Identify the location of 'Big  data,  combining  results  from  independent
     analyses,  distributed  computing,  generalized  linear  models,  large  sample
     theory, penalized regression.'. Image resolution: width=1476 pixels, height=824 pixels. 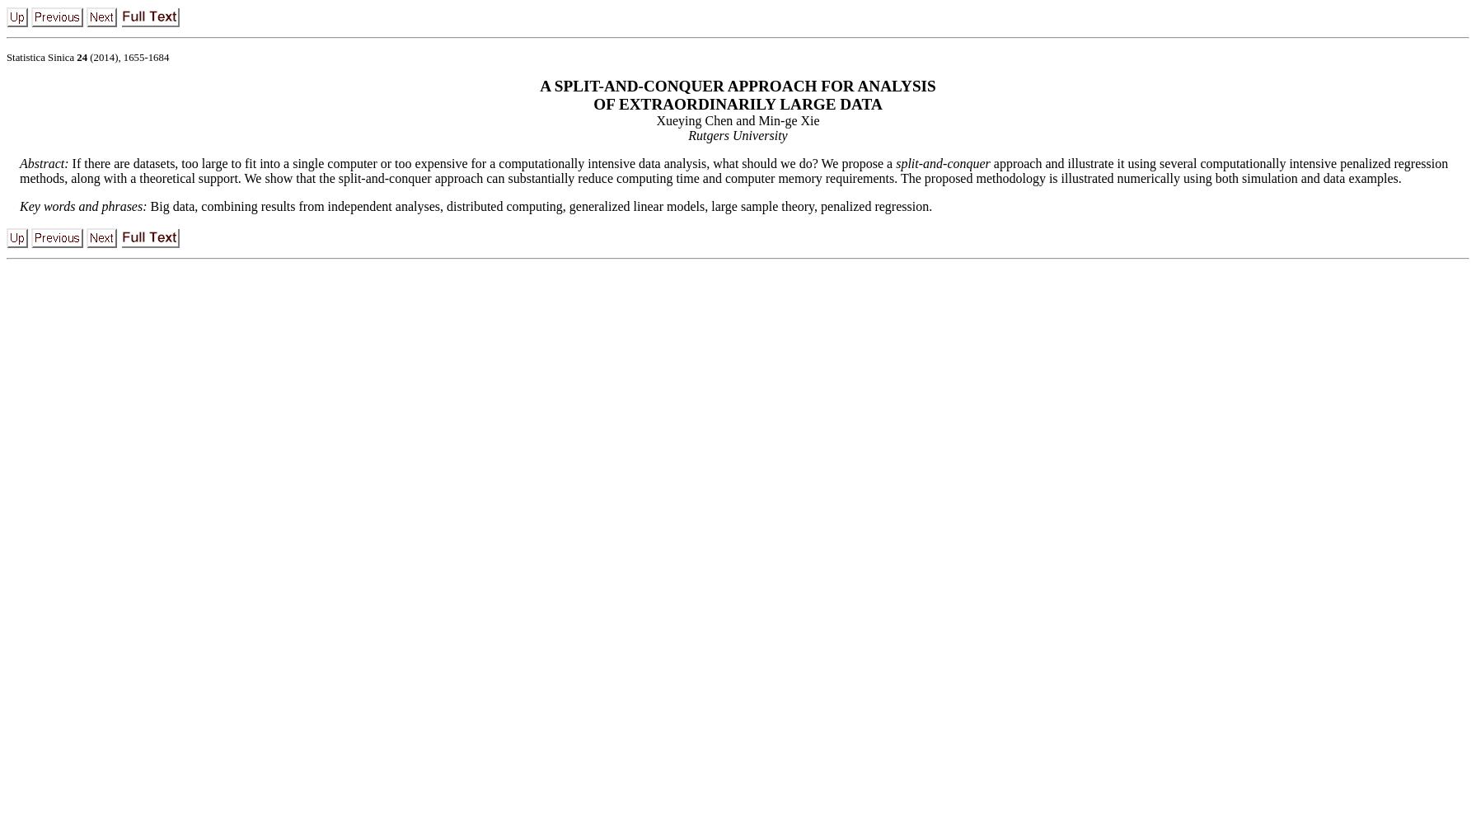
(541, 206).